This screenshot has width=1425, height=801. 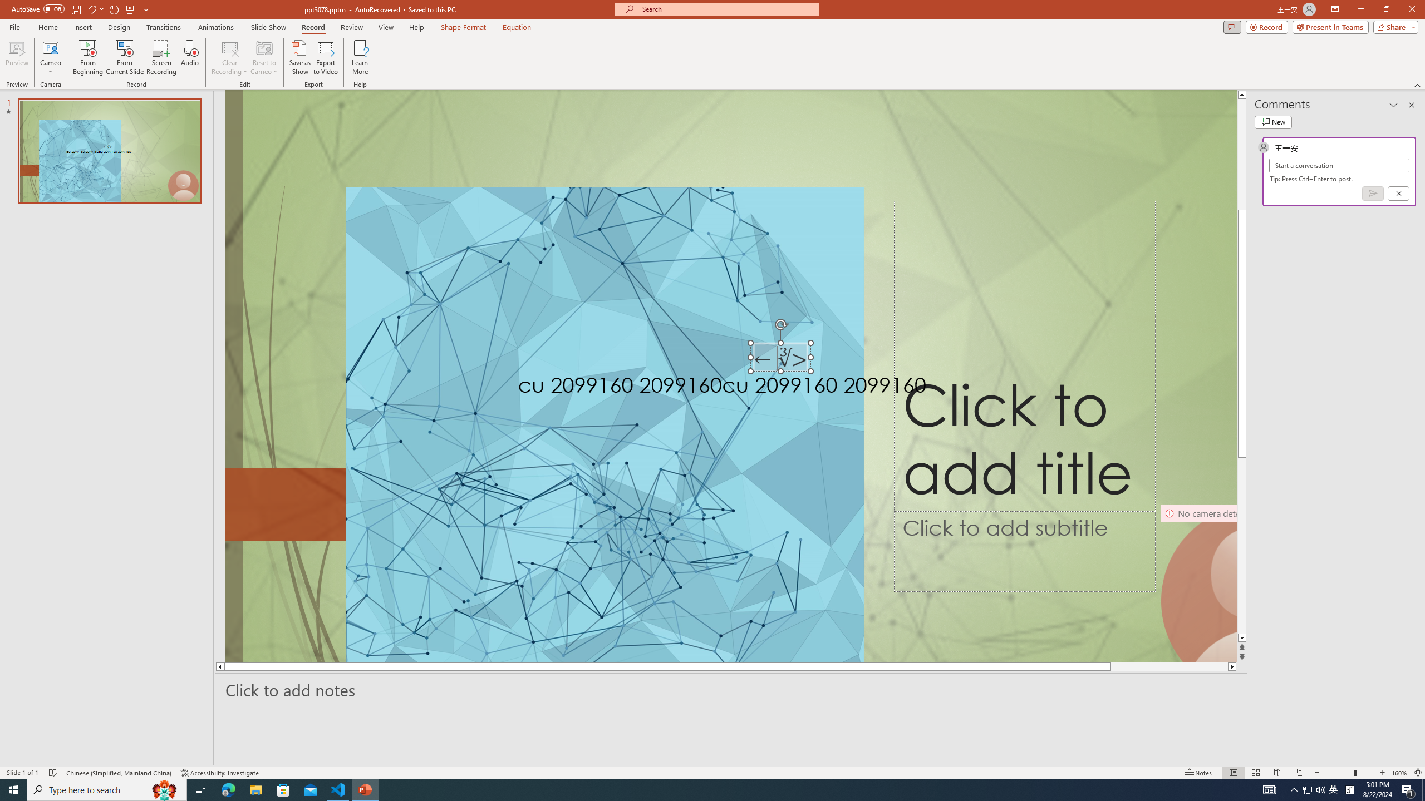 What do you see at coordinates (780, 358) in the screenshot?
I see `'TextBox 7'` at bounding box center [780, 358].